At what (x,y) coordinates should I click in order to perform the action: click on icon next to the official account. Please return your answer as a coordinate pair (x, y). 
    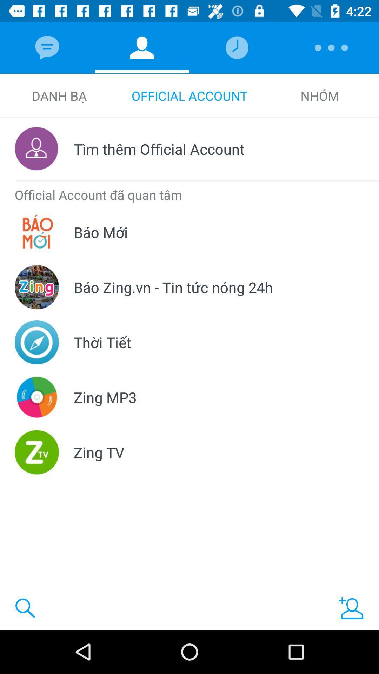
    Looking at the image, I should click on (320, 95).